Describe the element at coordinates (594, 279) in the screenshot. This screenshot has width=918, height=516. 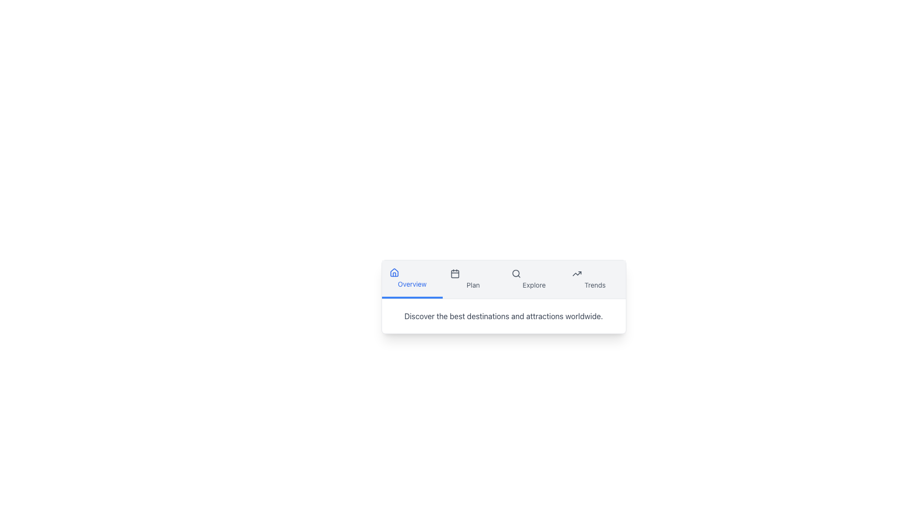
I see `the 'Trends' navigation tab, which is the last tab in the horizontal menu` at that location.